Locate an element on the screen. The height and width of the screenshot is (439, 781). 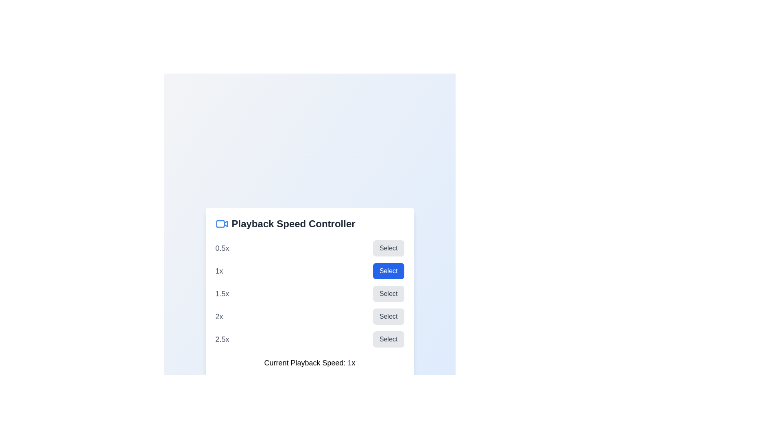
the button used to select the '1.5x' playback speed option, which is positioned to the right of the '1.5x' text label is located at coordinates (388, 293).